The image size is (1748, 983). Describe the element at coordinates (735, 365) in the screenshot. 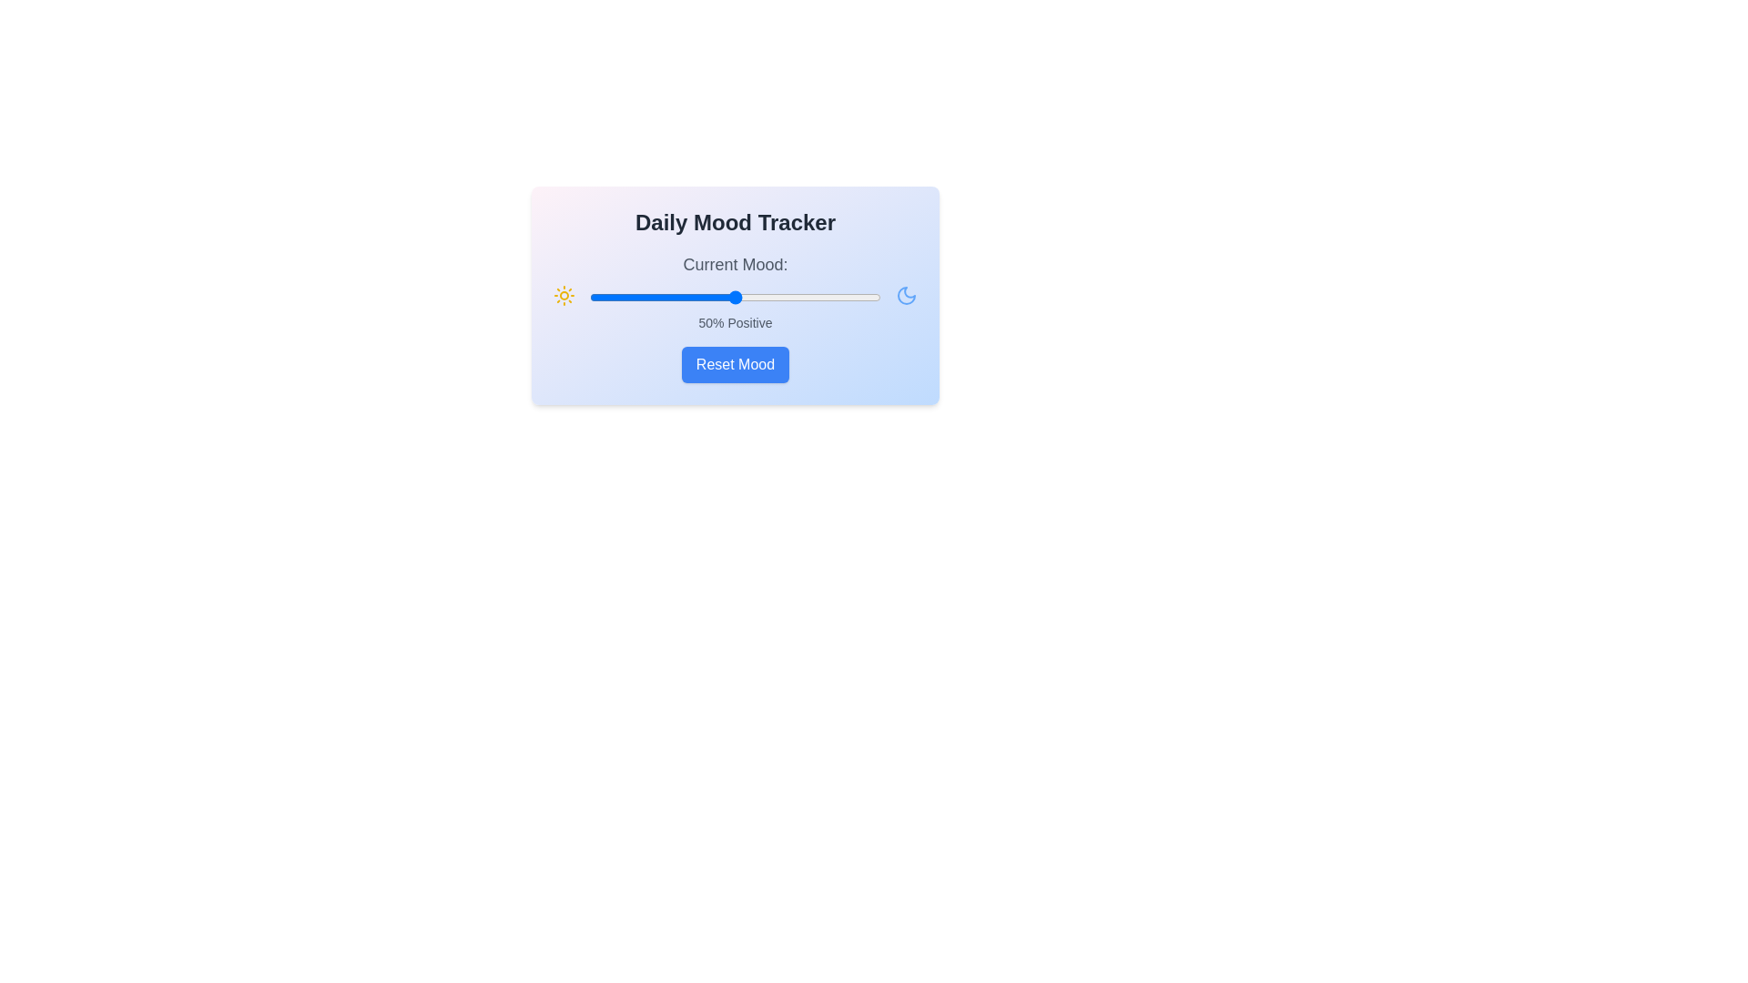

I see `the 'Reset Mood' button, which is a vibrant blue rectangular button with rounded corners and white text` at that location.